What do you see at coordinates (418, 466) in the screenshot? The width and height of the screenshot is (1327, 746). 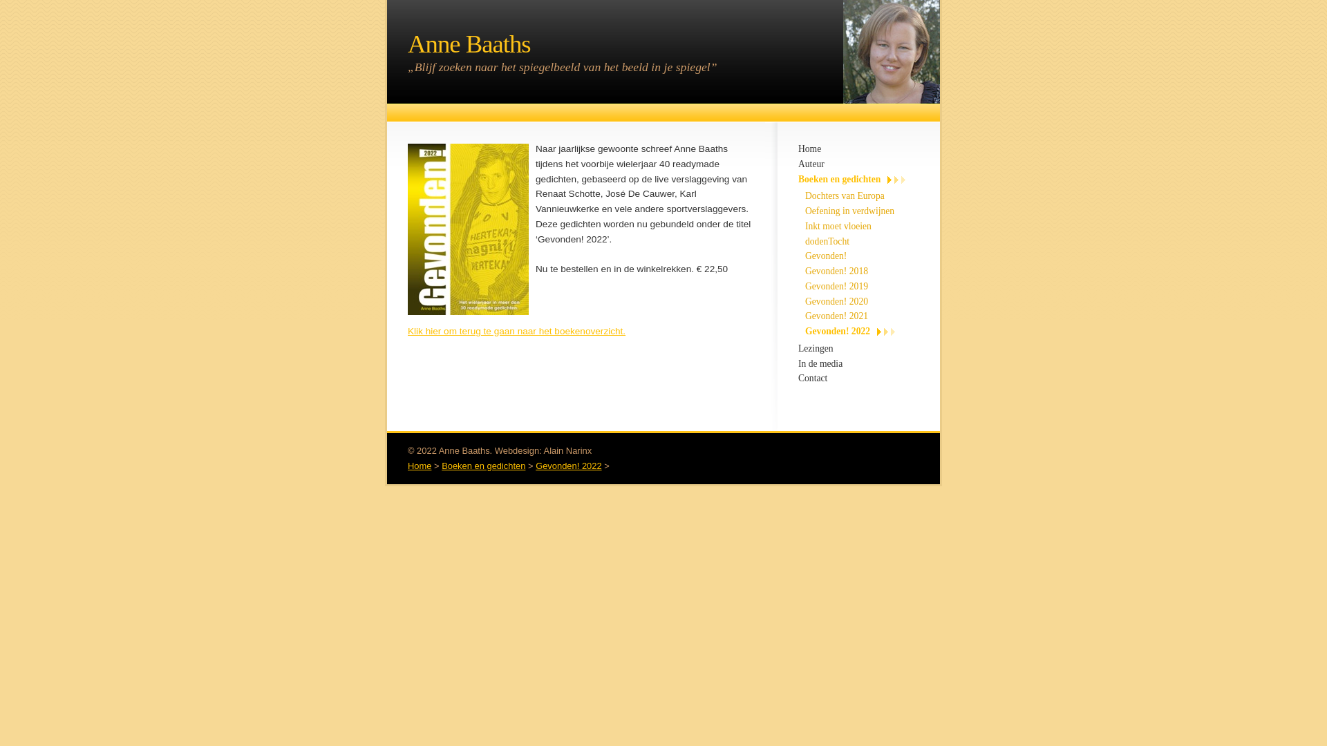 I see `'Home'` at bounding box center [418, 466].